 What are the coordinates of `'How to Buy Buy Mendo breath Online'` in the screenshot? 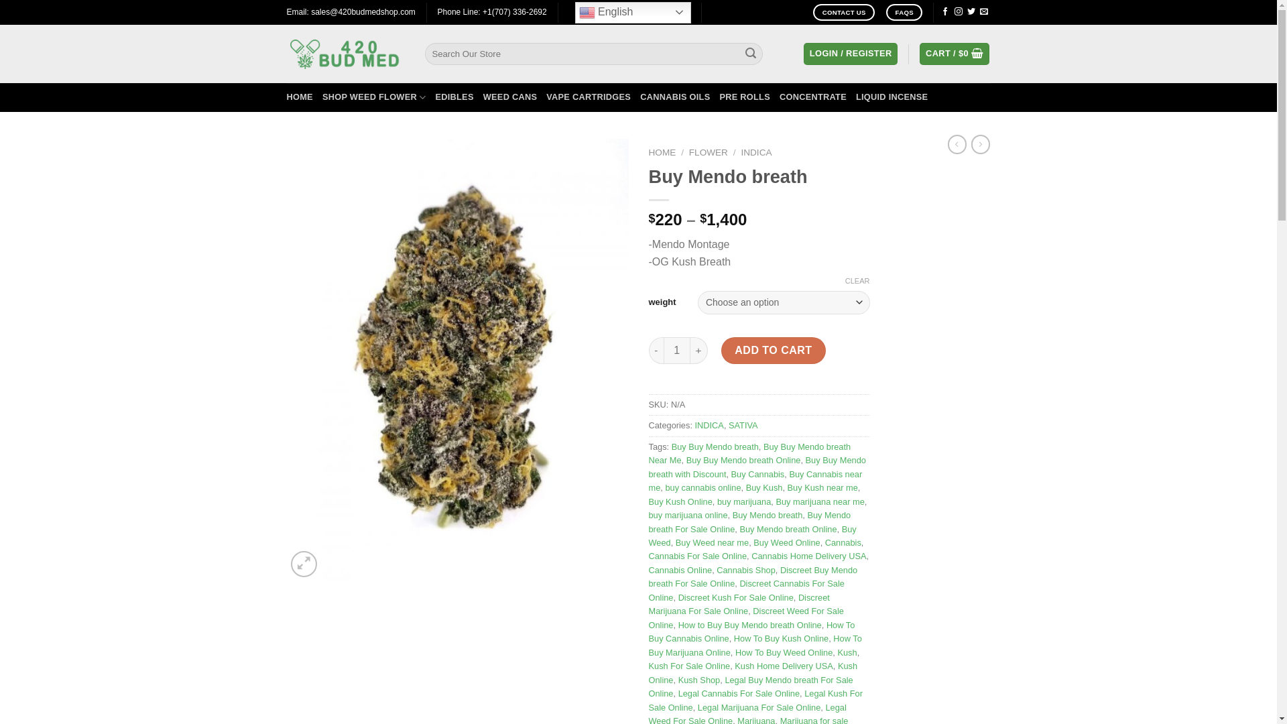 It's located at (749, 625).